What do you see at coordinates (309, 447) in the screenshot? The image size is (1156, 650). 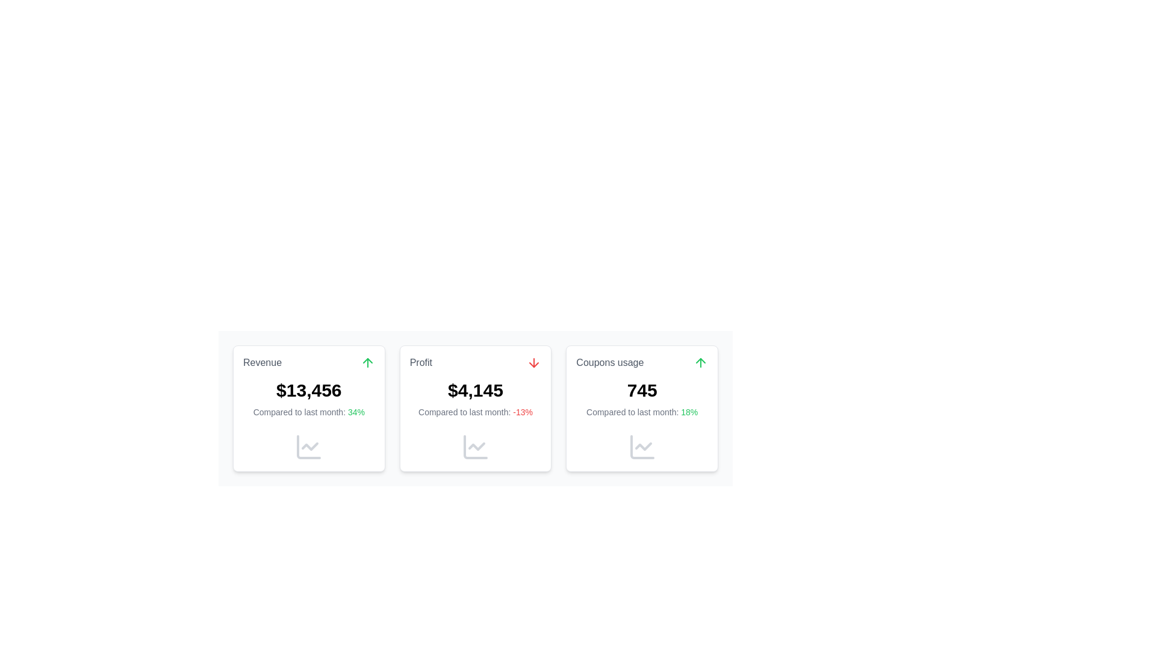 I see `the small bar chart icon located in the bottom right corner of the first card labeled 'Revenue', which is beneath the text '$13,456 Compared to last month: 34%'` at bounding box center [309, 447].